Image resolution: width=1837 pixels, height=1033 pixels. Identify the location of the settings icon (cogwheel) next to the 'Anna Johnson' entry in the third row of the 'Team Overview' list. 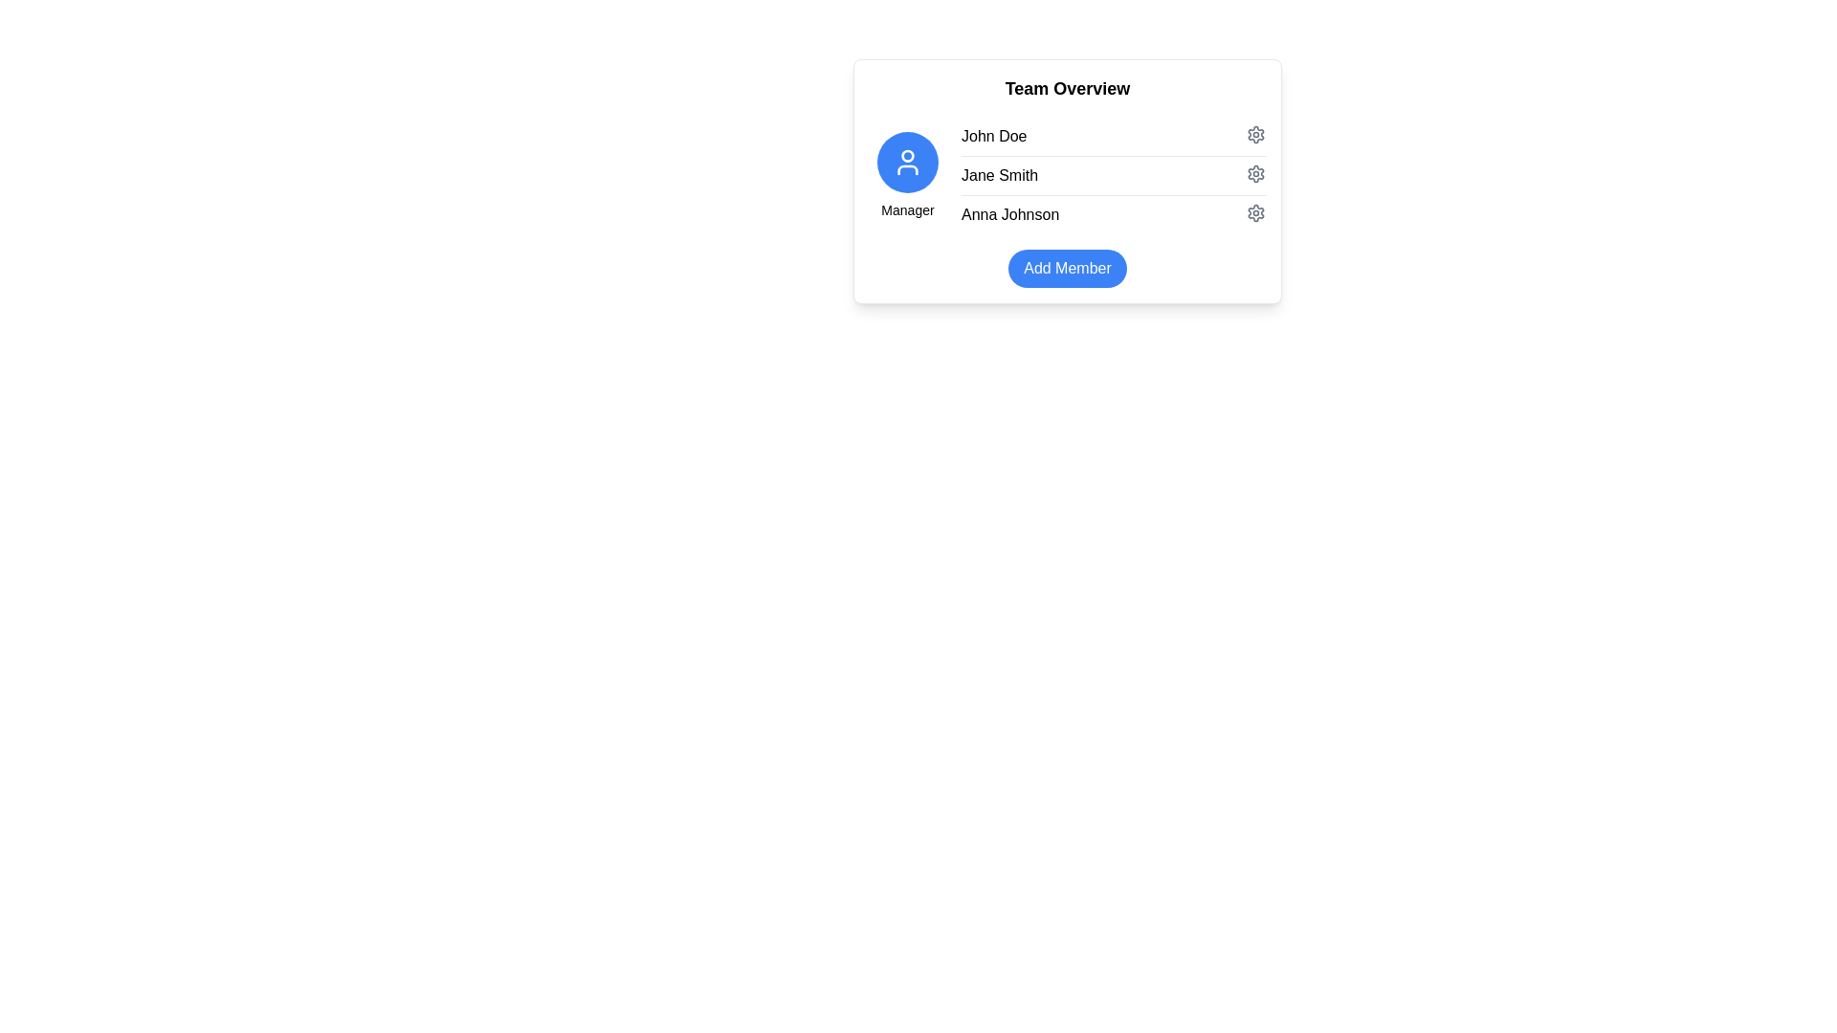
(1256, 213).